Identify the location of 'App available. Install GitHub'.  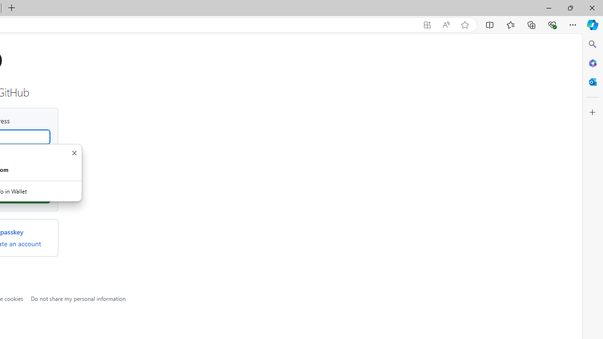
(426, 24).